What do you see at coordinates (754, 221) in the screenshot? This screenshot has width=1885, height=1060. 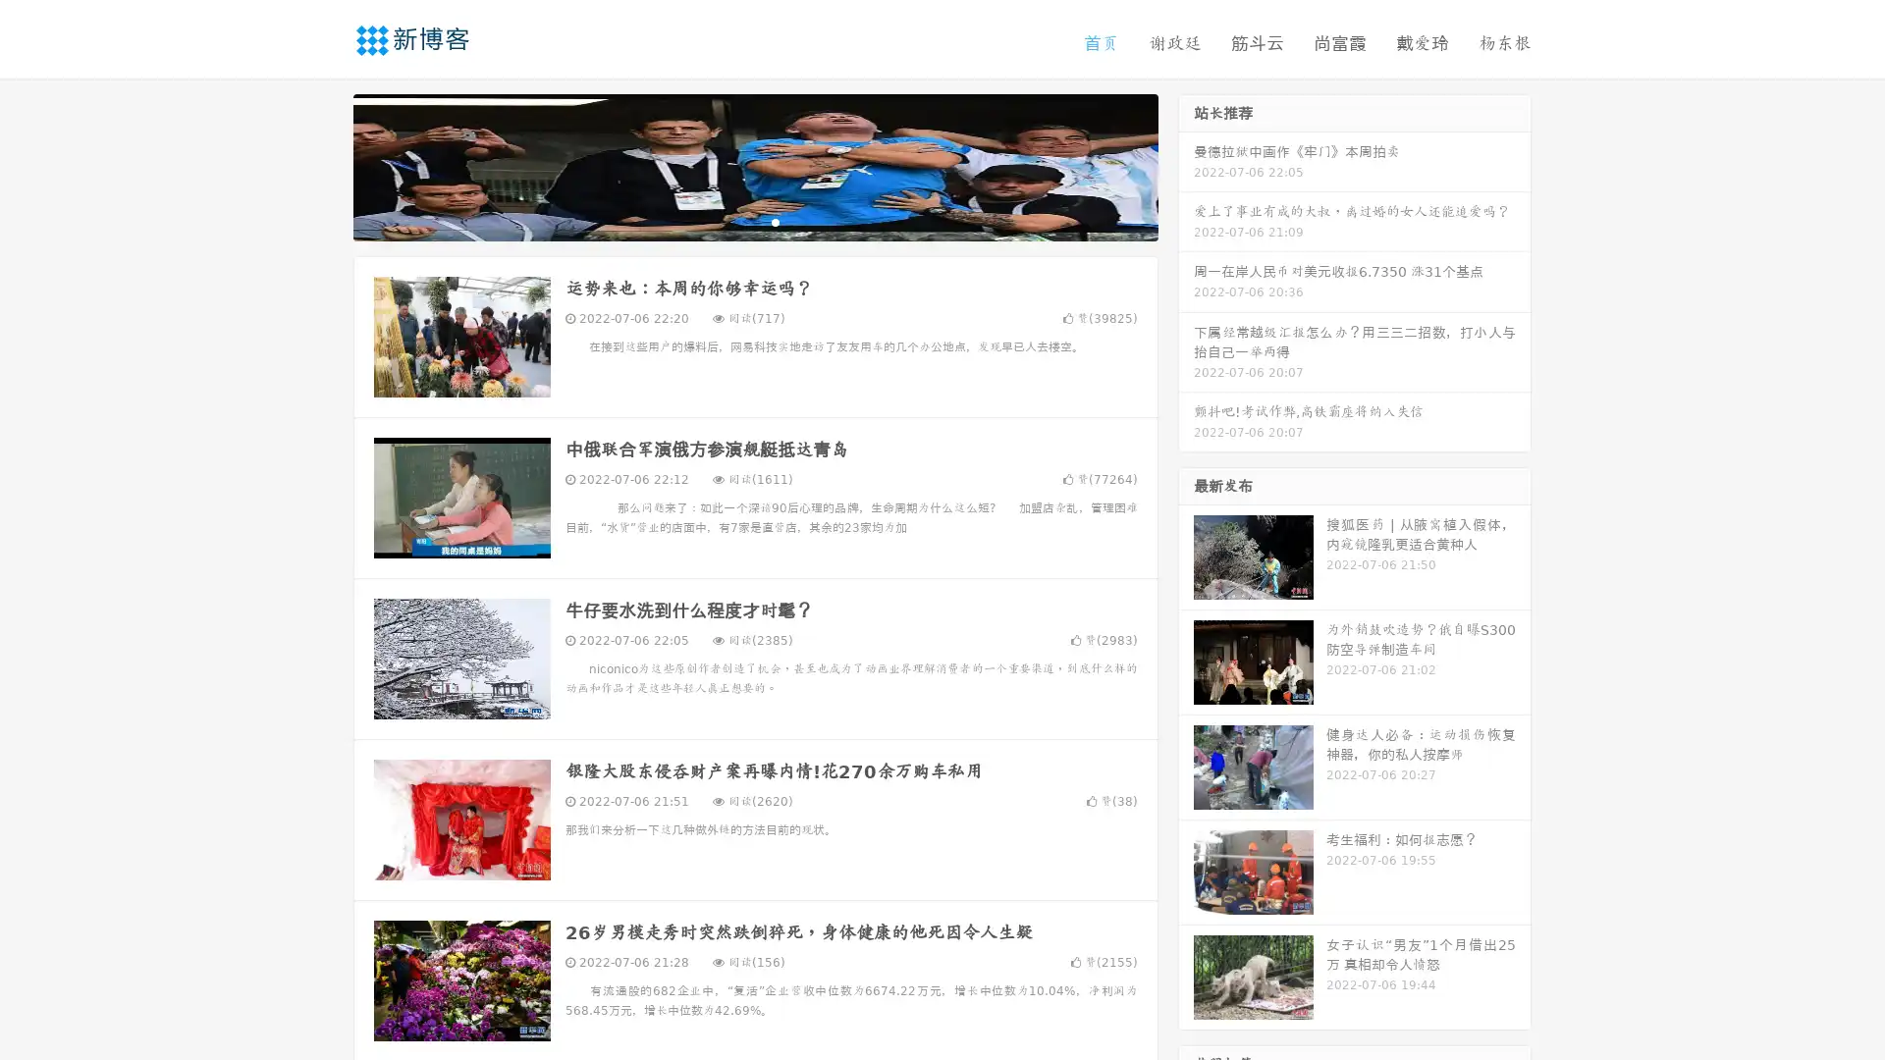 I see `Go to slide 2` at bounding box center [754, 221].